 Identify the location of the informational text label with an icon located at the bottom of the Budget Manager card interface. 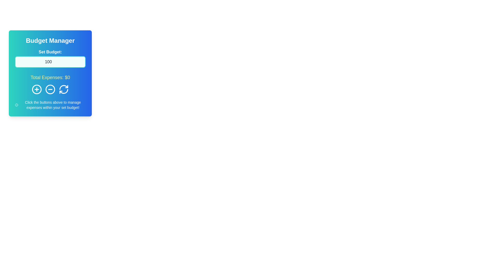
(50, 105).